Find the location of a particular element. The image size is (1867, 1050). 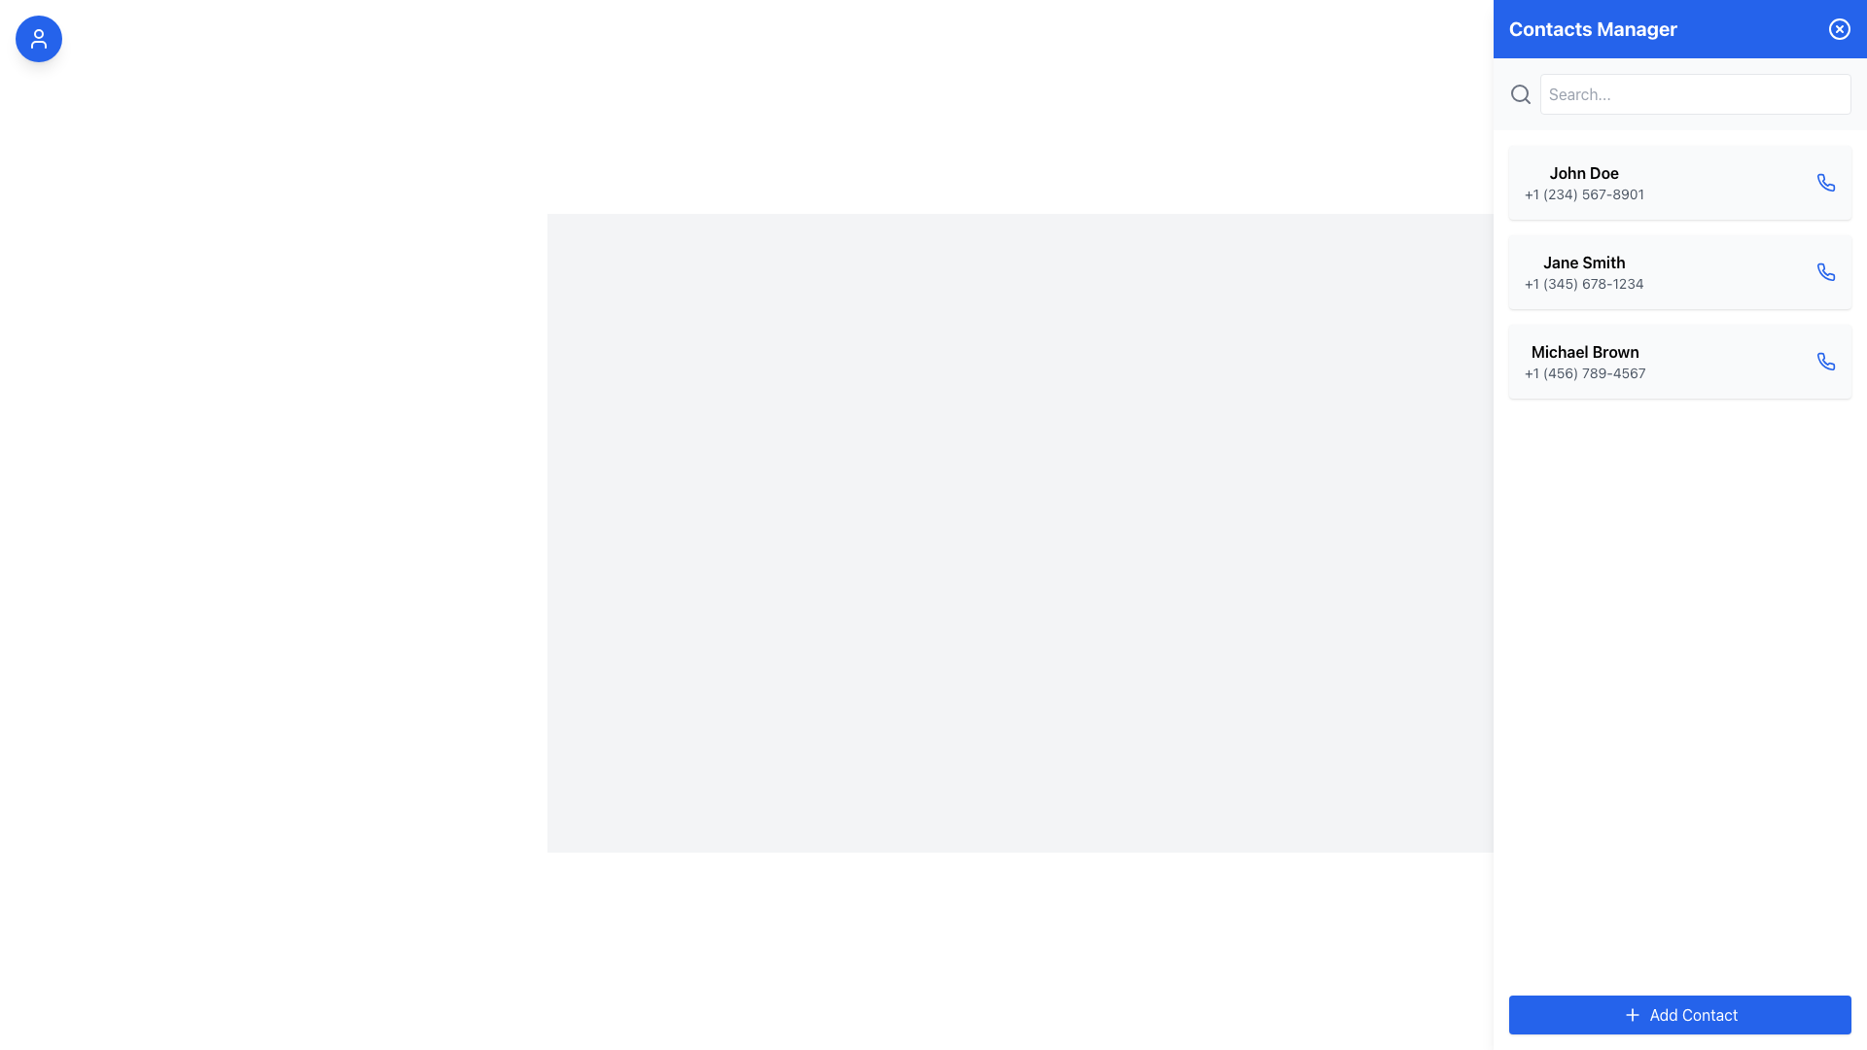

the Contact Information Display showing 'John Doe' and the phone number '+1 (234) 567-8901' in the Contacts Manager sidebar is located at coordinates (1584, 183).